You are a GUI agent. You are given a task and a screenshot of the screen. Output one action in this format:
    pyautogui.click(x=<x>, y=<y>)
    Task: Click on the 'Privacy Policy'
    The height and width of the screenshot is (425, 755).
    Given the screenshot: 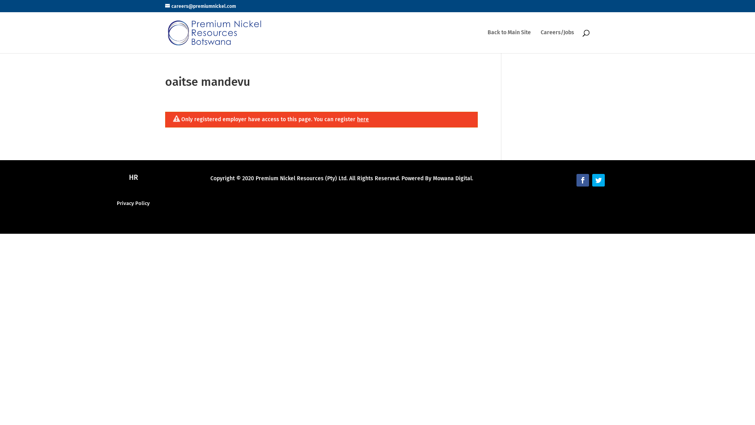 What is the action you would take?
    pyautogui.click(x=133, y=203)
    